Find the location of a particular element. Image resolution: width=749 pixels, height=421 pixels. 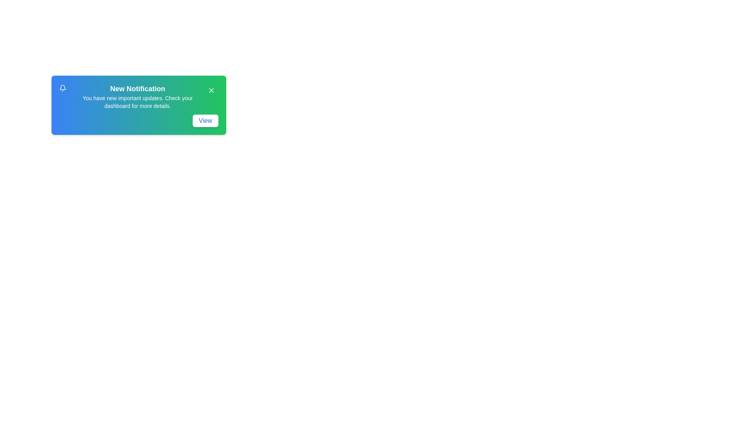

the notification icon by simulating a click at its center is located at coordinates (62, 88).